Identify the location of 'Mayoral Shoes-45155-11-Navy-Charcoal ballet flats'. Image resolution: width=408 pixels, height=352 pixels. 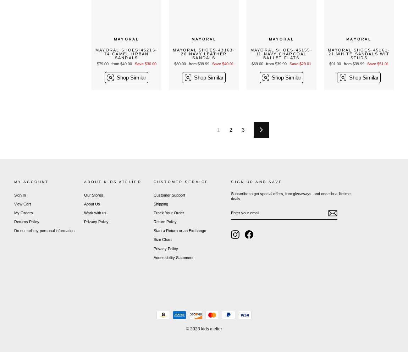
(281, 53).